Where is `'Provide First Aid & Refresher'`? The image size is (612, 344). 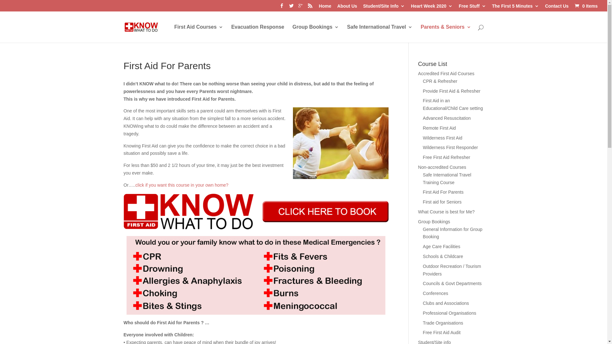 'Provide First Aid & Refresher' is located at coordinates (451, 91).